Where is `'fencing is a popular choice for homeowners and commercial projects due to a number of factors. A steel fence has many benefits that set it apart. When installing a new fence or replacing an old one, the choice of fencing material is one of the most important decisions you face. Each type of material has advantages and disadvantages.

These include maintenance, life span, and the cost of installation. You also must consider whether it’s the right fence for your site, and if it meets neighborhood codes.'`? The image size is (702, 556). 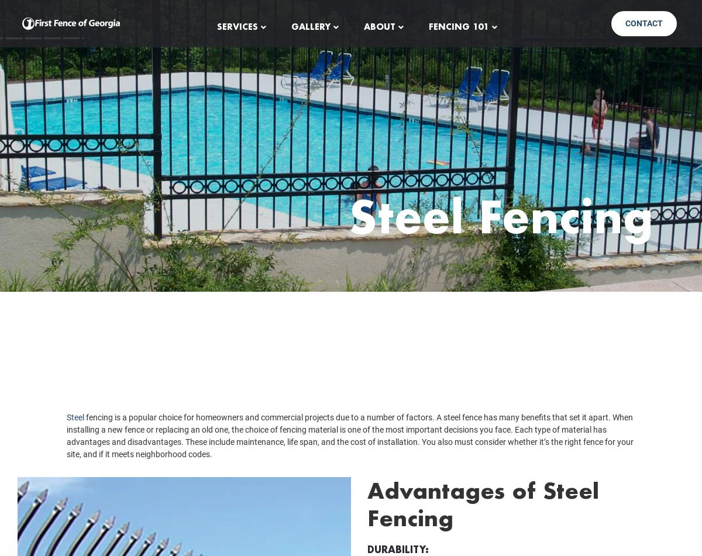
'fencing is a popular choice for homeowners and commercial projects due to a number of factors. A steel fence has many benefits that set it apart. When installing a new fence or replacing an old one, the choice of fencing material is one of the most important decisions you face. Each type of material has advantages and disadvantages.

These include maintenance, life span, and the cost of installation. You also must consider whether it’s the right fence for your site, and if it meets neighborhood codes.' is located at coordinates (349, 452).